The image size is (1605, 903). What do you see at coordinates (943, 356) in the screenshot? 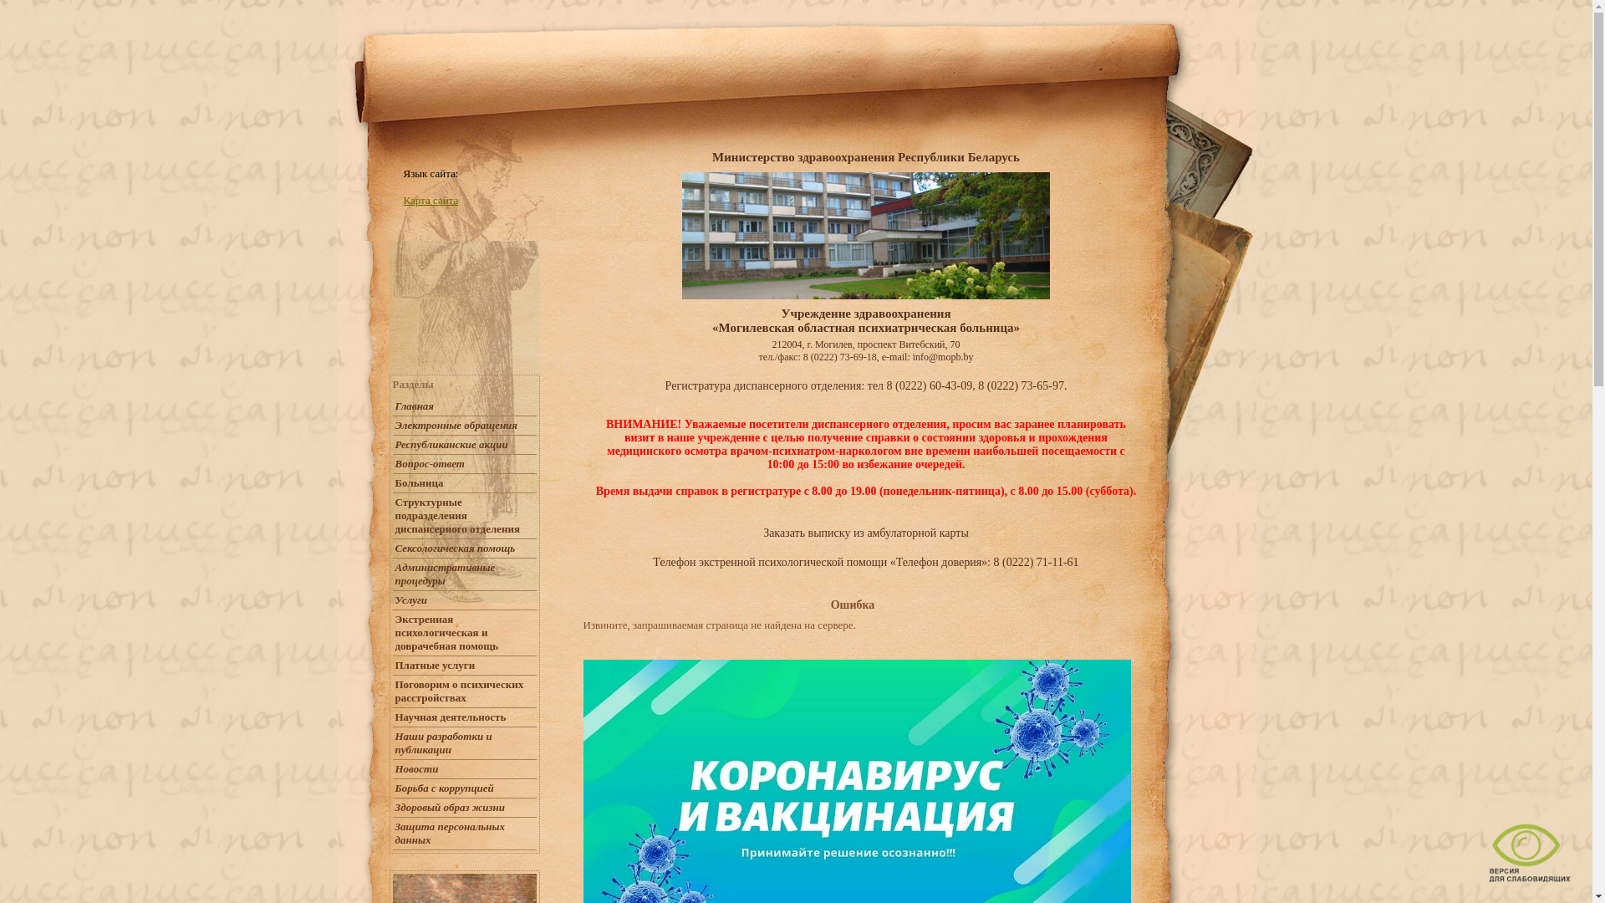
I see `'info@mopb.by'` at bounding box center [943, 356].